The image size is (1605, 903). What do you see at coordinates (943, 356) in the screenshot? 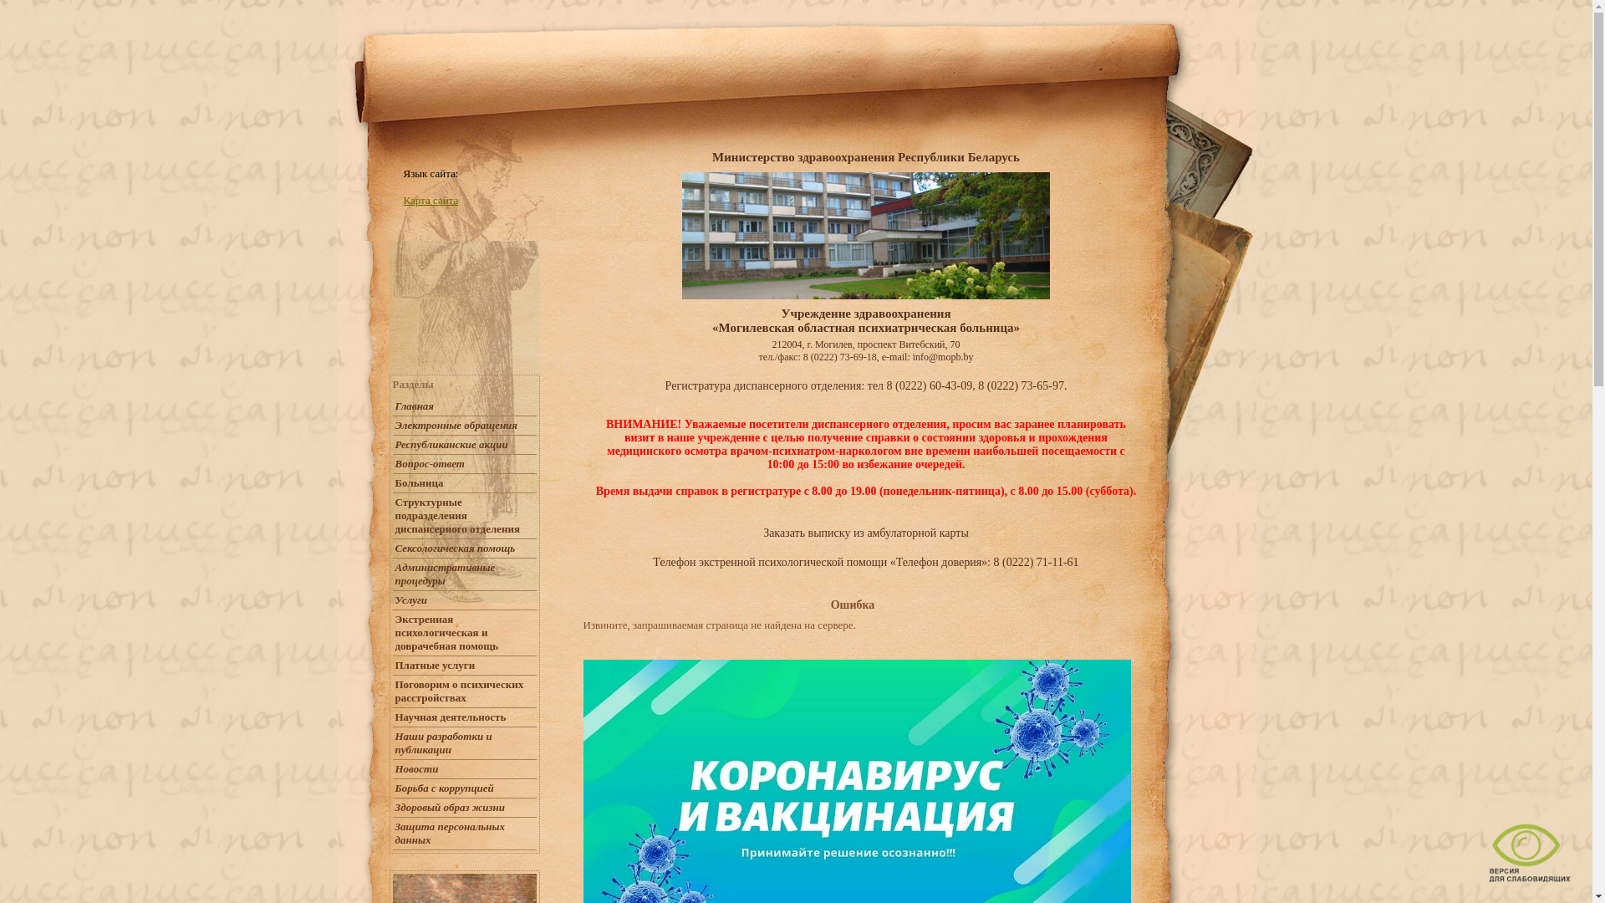
I see `'info@mopb.by'` at bounding box center [943, 356].